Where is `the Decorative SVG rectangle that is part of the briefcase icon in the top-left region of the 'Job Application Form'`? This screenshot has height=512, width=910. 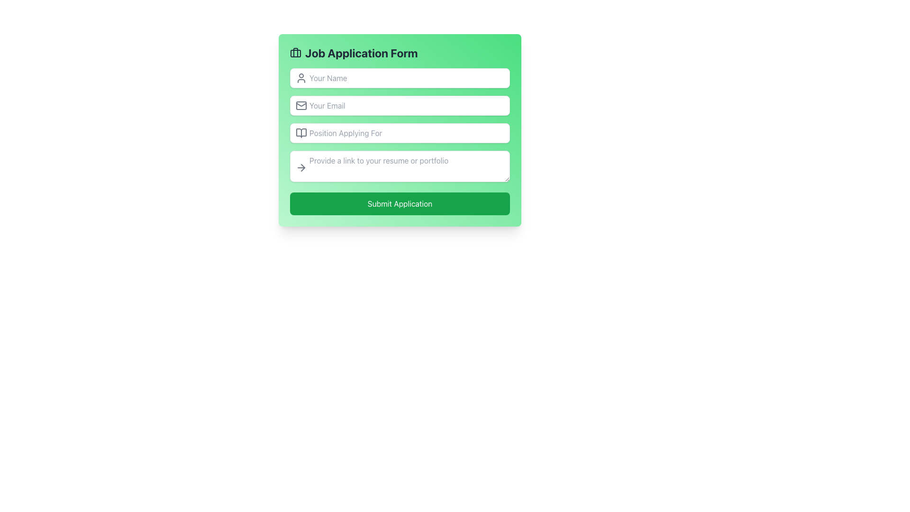
the Decorative SVG rectangle that is part of the briefcase icon in the top-left region of the 'Job Application Form' is located at coordinates (295, 53).